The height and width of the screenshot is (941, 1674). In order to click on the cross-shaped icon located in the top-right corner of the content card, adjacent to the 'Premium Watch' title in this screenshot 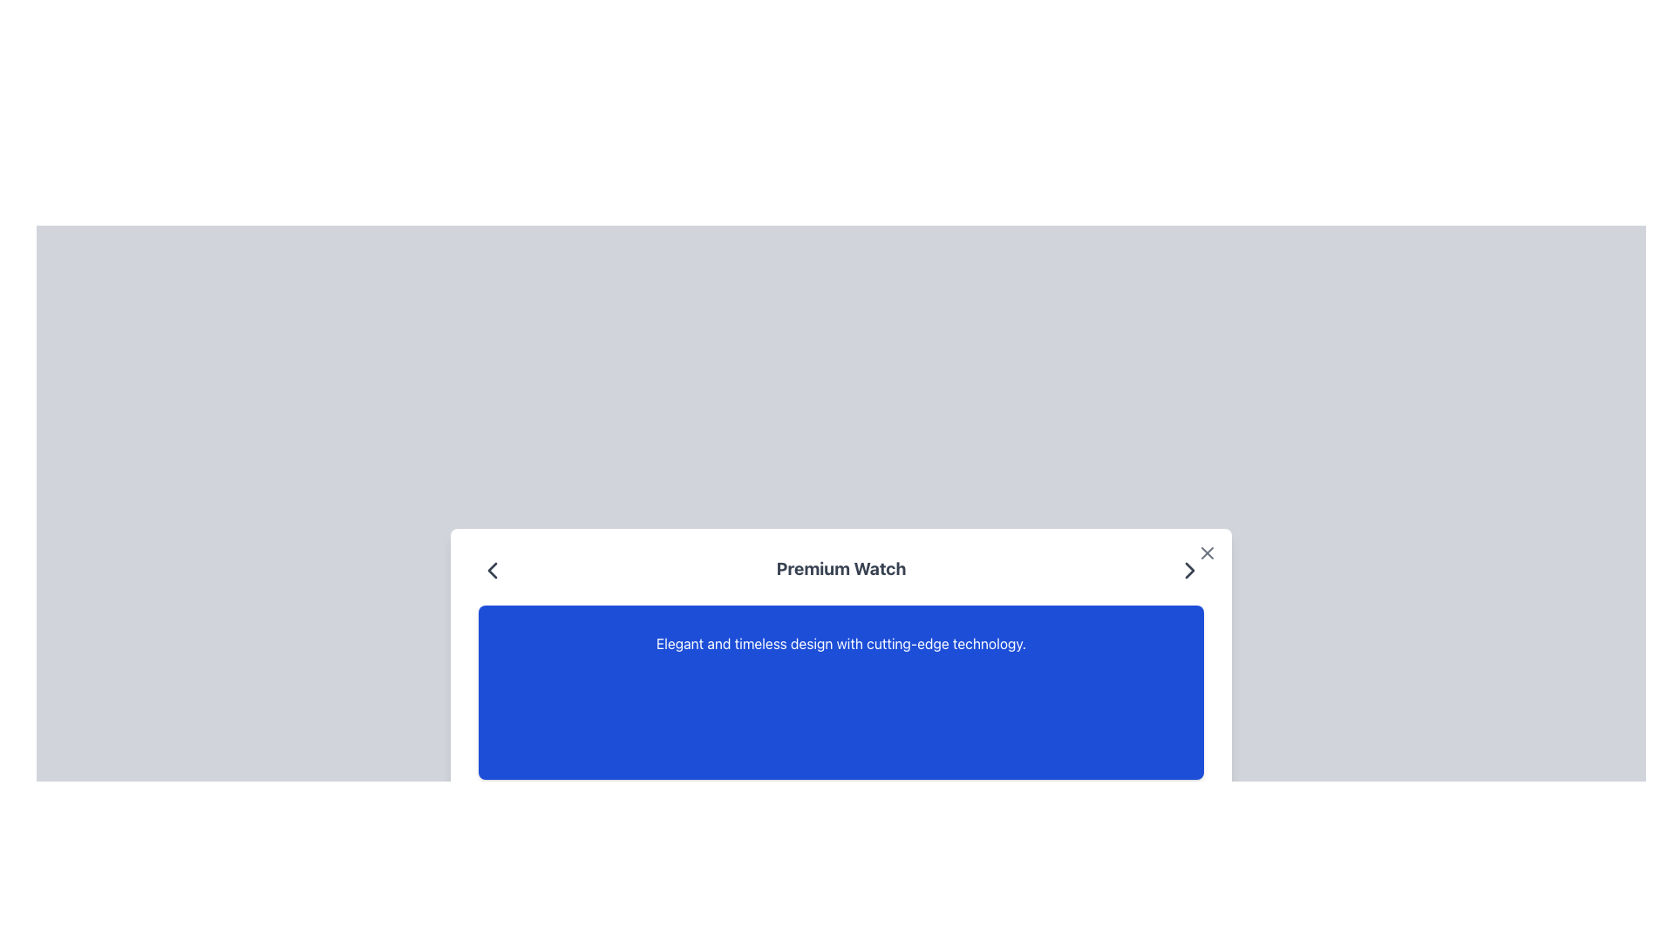, I will do `click(1207, 553)`.